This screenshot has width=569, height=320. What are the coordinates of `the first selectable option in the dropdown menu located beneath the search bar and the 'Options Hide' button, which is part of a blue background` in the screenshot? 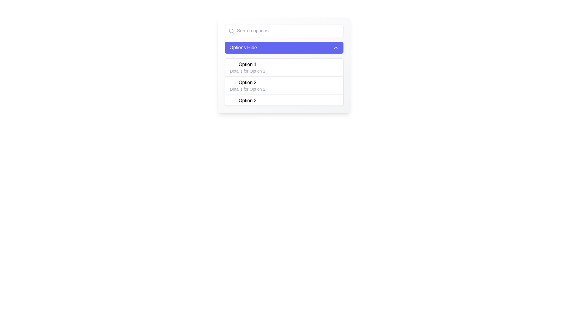 It's located at (284, 65).